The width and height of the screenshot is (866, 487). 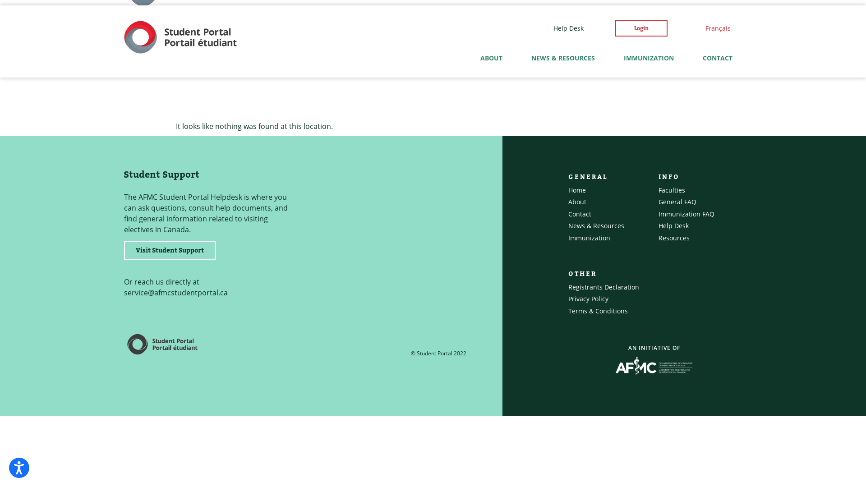 What do you see at coordinates (648, 58) in the screenshot?
I see `'IMMUNIZATION'` at bounding box center [648, 58].